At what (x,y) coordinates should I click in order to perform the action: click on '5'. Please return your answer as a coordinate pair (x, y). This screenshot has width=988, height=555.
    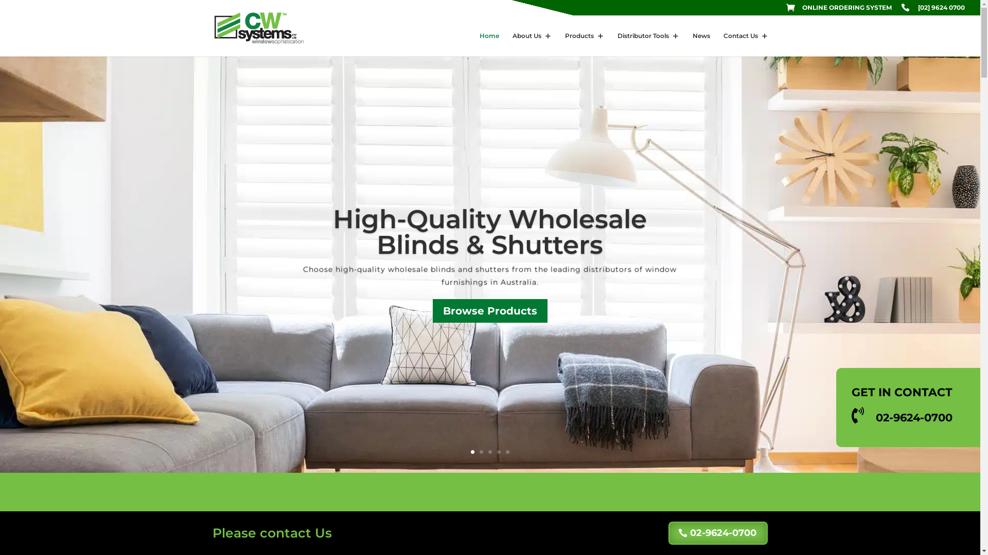
    Looking at the image, I should click on (507, 451).